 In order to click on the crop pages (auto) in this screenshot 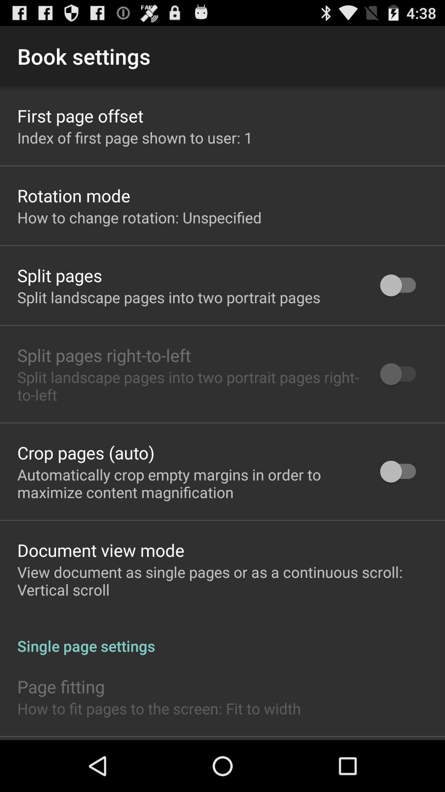, I will do `click(86, 452)`.